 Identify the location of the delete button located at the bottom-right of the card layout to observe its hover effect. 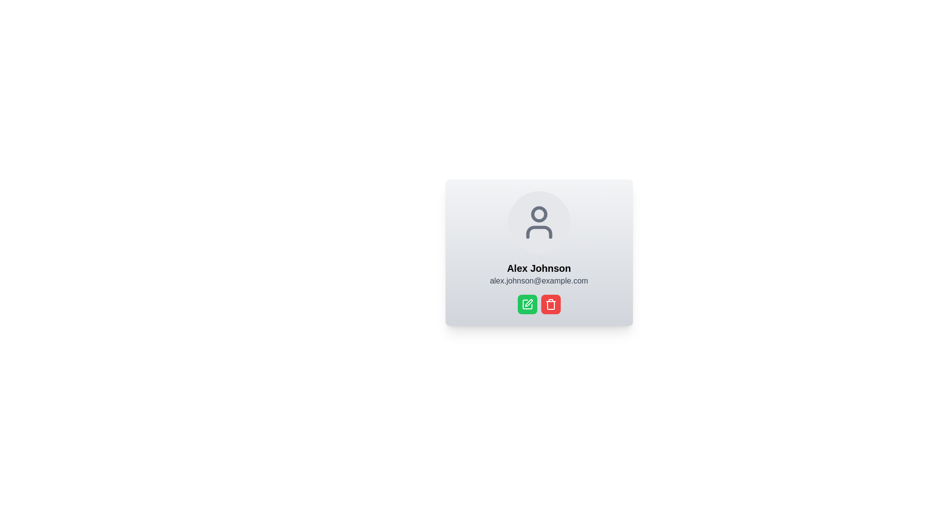
(550, 304).